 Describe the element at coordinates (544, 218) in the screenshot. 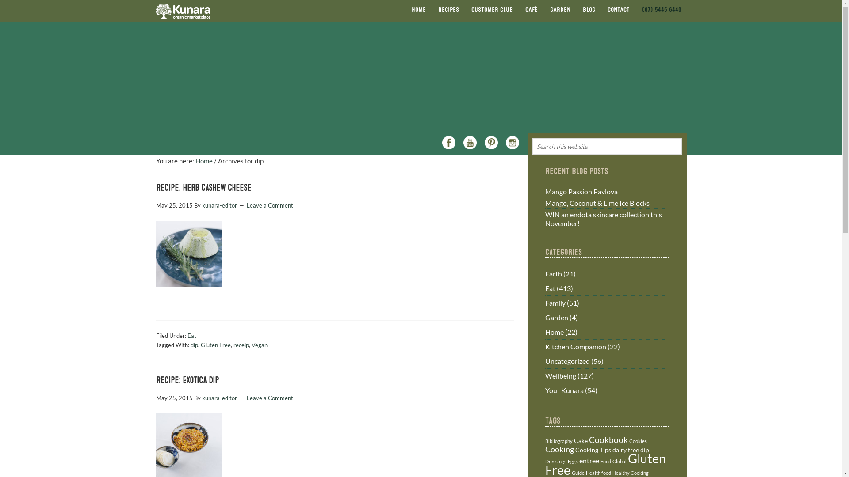

I see `'WIN an endota skincare collection this November!'` at that location.